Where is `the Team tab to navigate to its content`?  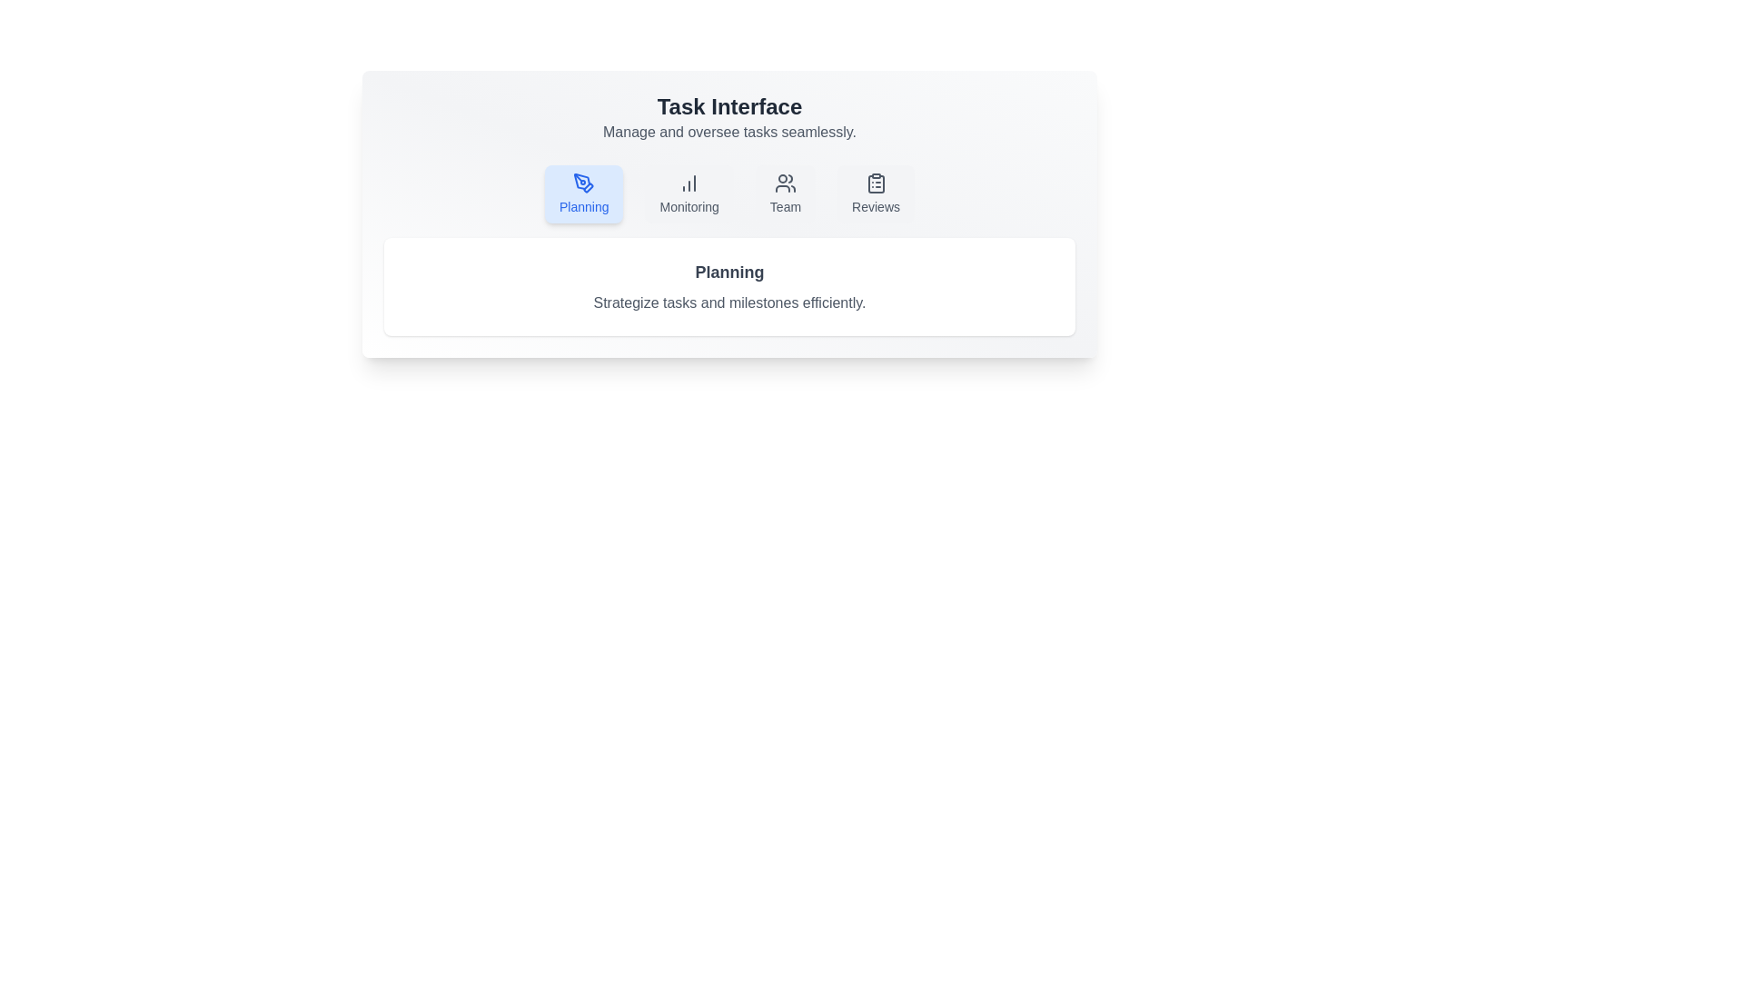
the Team tab to navigate to its content is located at coordinates (785, 193).